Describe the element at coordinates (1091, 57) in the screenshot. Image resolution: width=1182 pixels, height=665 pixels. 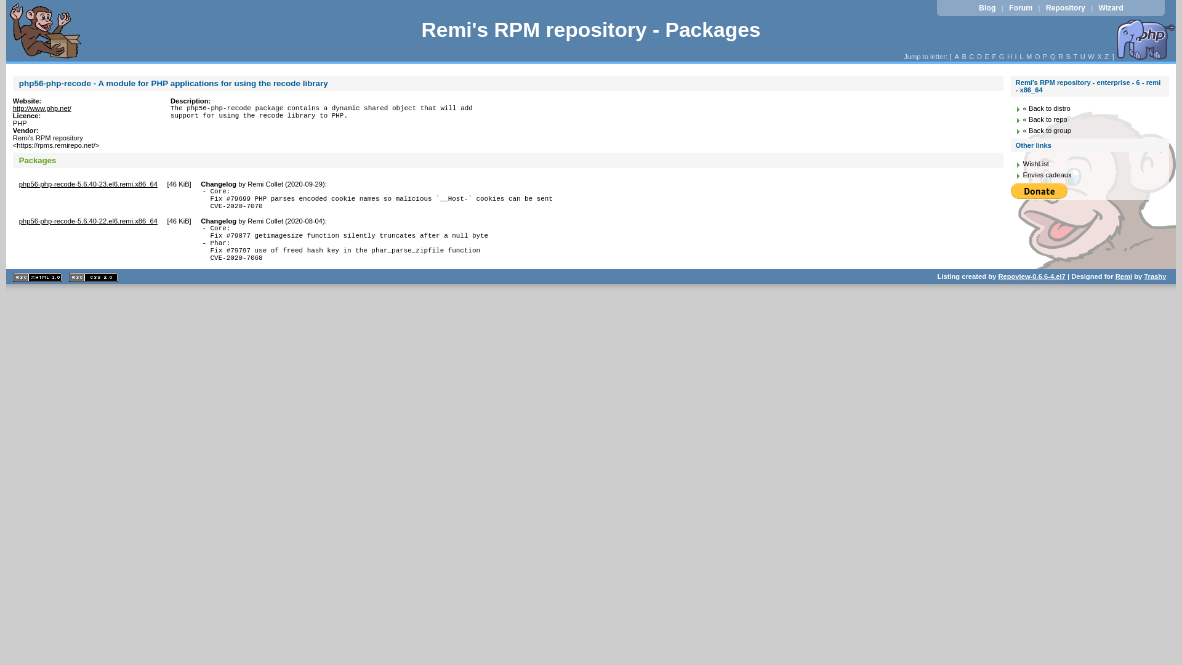
I see `'W'` at that location.